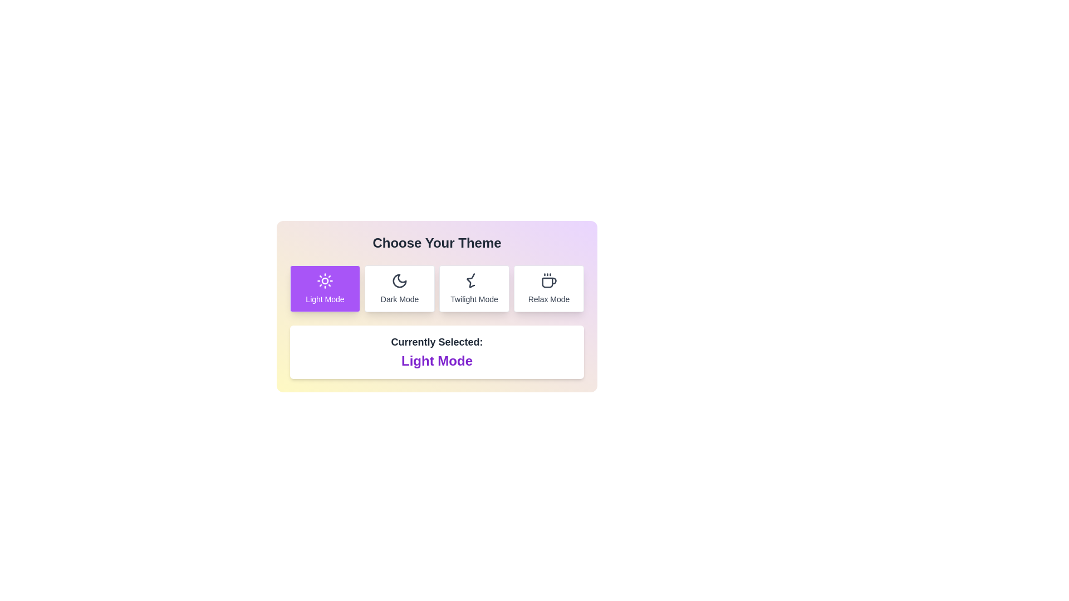 This screenshot has height=601, width=1069. What do you see at coordinates (325, 288) in the screenshot?
I see `the theme button corresponding to Light Mode` at bounding box center [325, 288].